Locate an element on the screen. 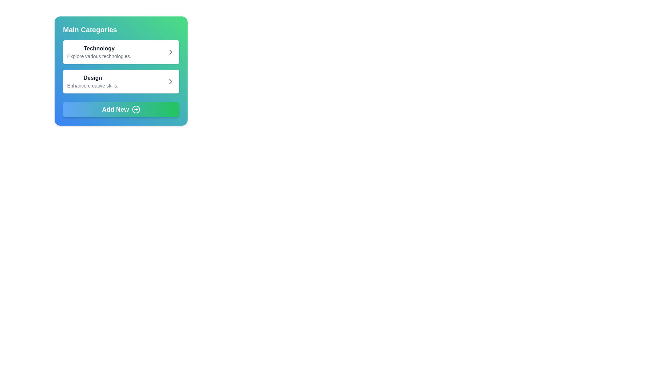 The image size is (672, 378). the small right-facing chevron icon styled in gray, positioned on the right side of the rectangular section labeled 'Design Enhance creative skills' is located at coordinates (171, 81).